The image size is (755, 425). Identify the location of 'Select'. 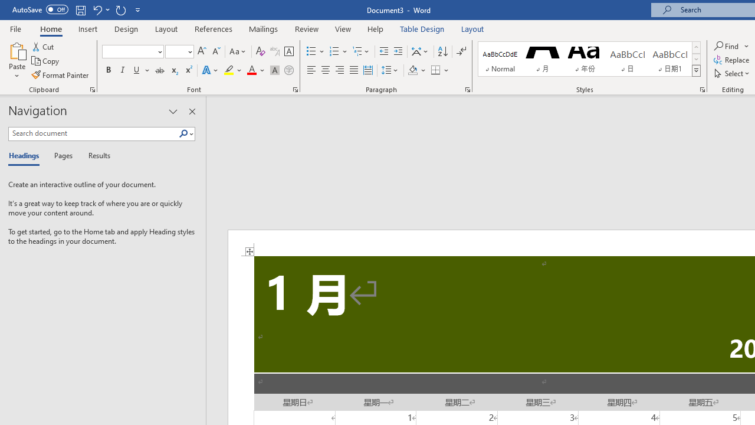
(732, 73).